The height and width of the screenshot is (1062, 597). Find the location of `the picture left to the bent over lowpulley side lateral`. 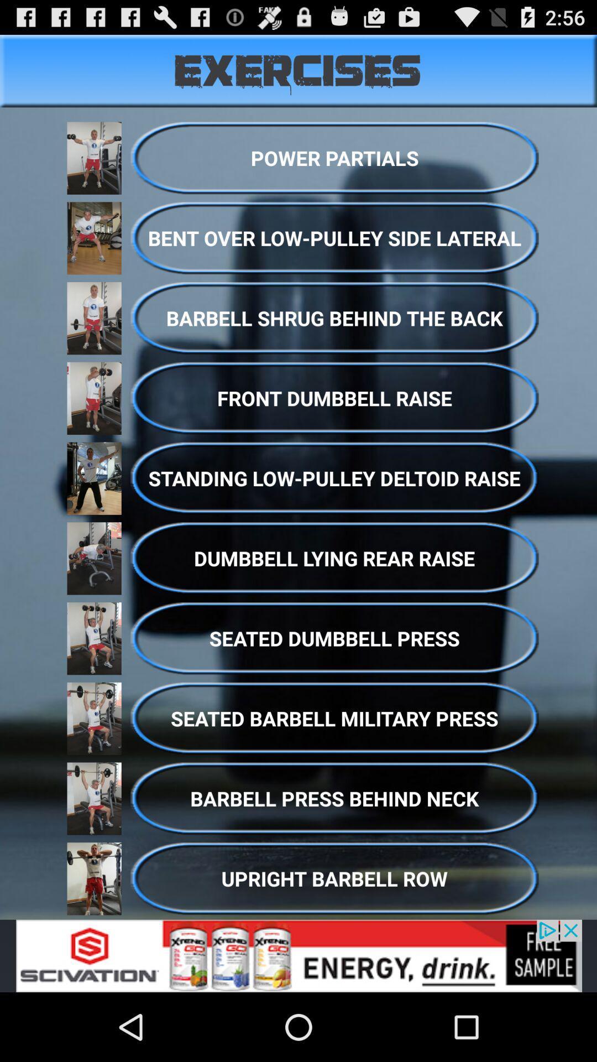

the picture left to the bent over lowpulley side lateral is located at coordinates (93, 238).